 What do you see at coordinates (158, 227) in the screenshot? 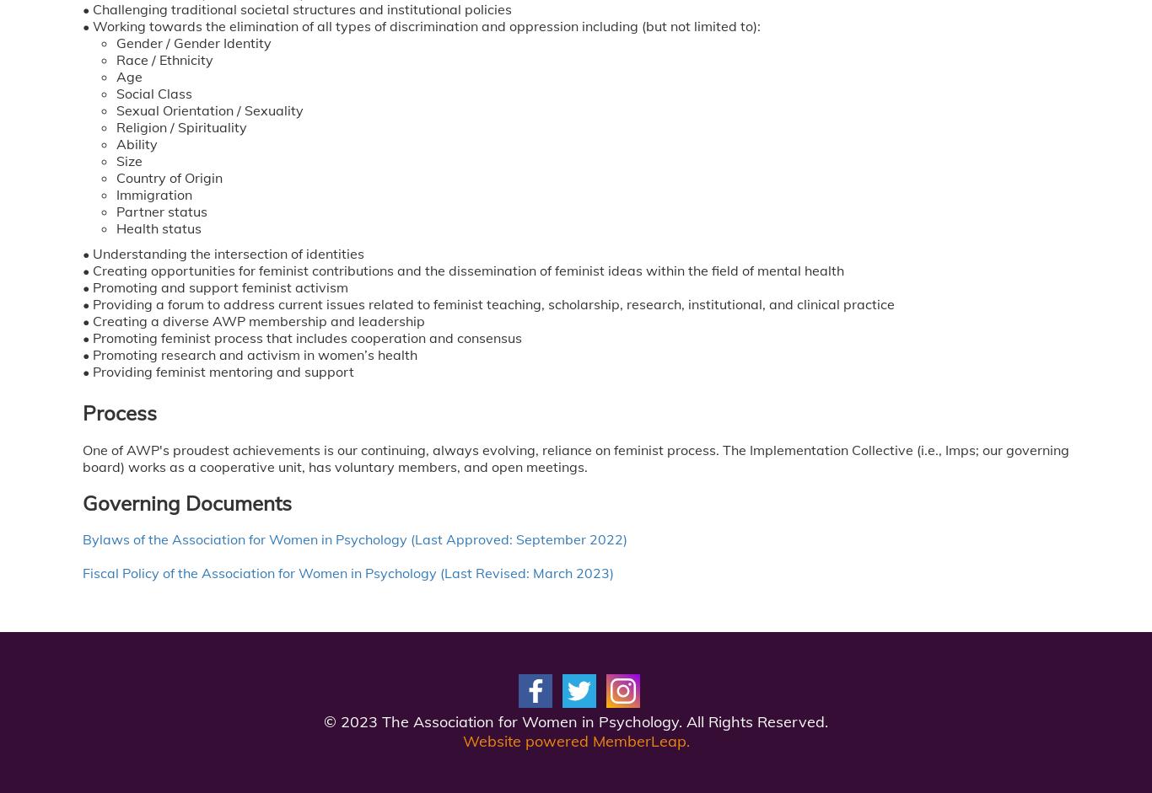
I see `'Health status'` at bounding box center [158, 227].